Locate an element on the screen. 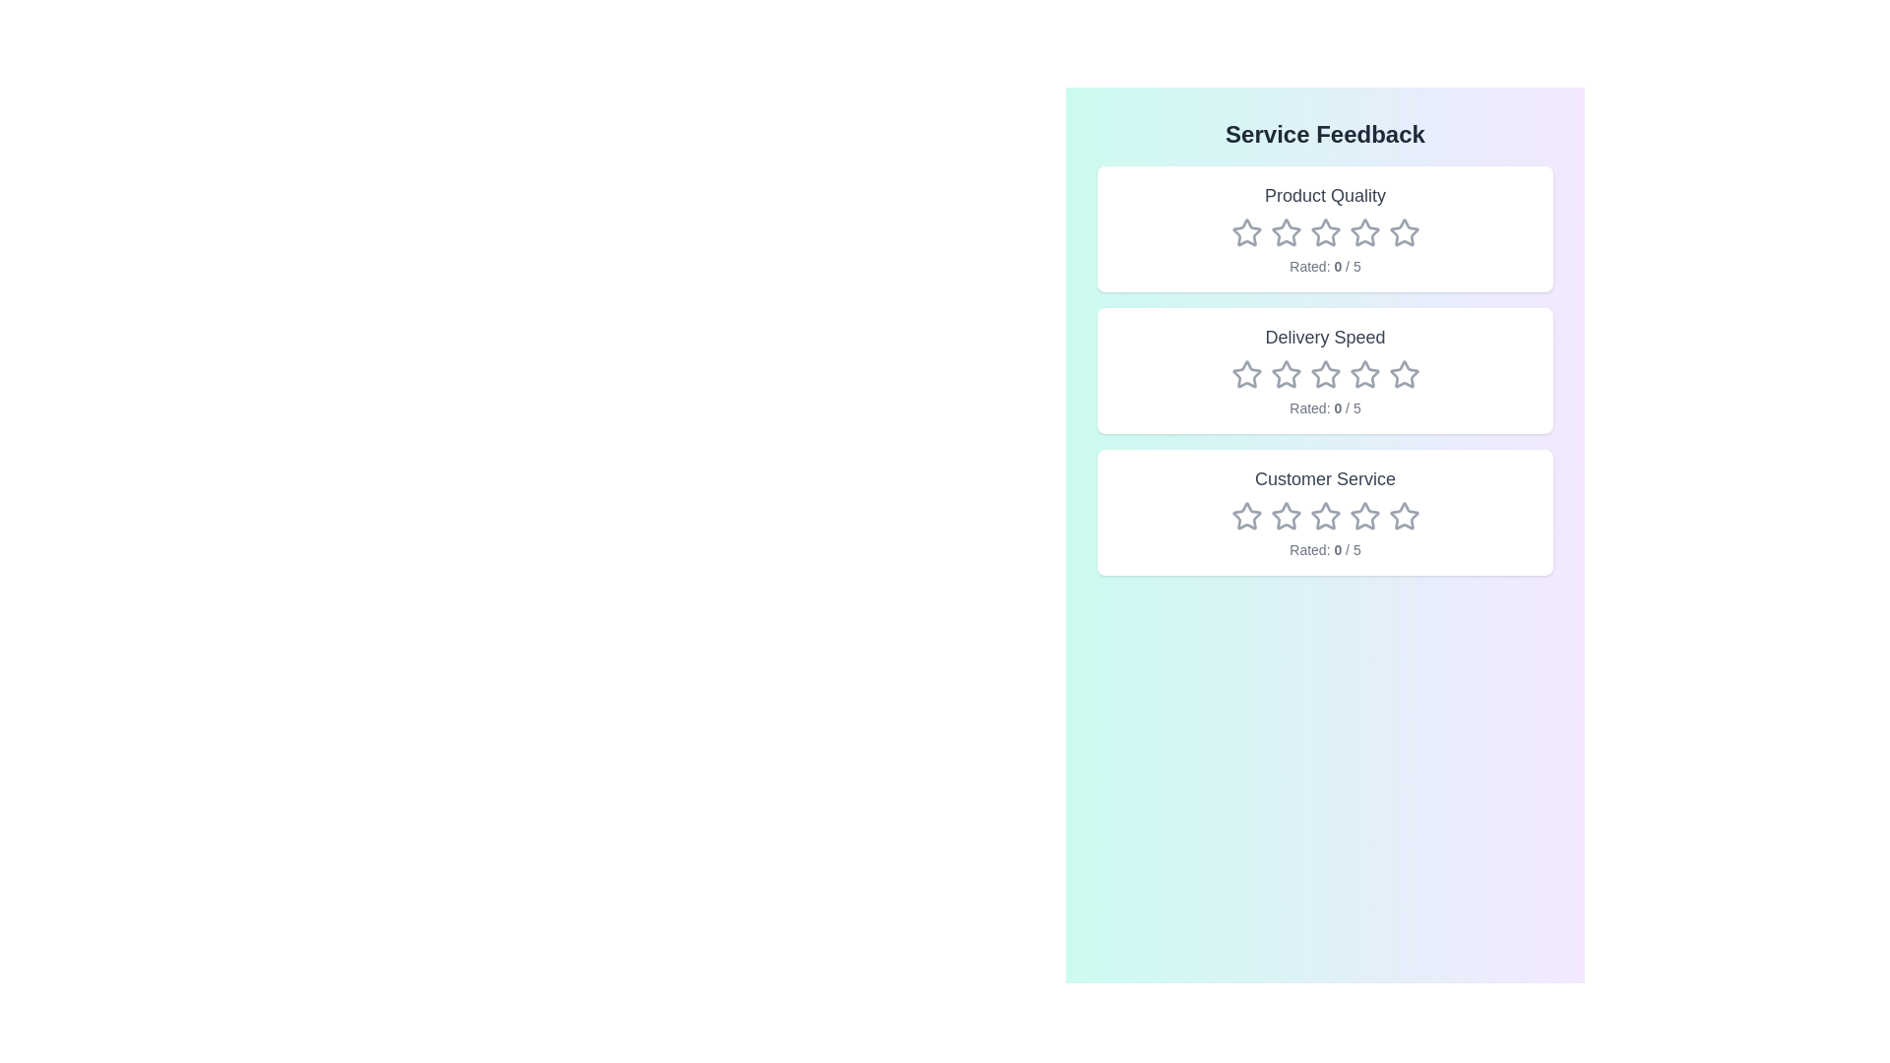 The image size is (1890, 1063). the rating for the category Delivery Speed to 1 stars is located at coordinates (1245, 375).